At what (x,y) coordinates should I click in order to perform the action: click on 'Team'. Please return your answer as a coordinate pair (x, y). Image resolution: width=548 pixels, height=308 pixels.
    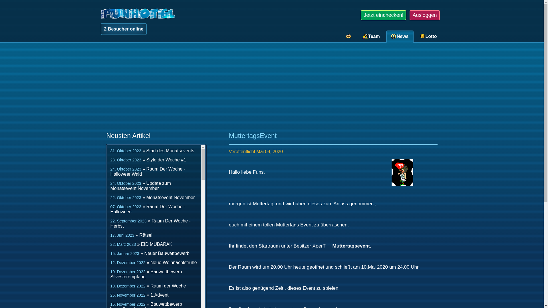
    Looking at the image, I should click on (372, 36).